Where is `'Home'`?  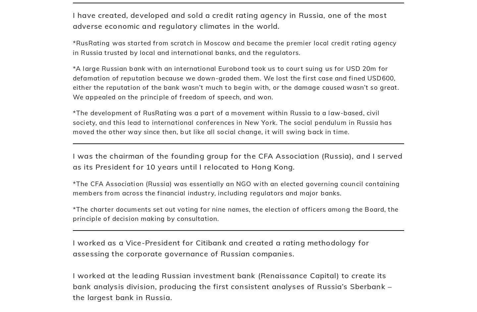 'Home' is located at coordinates (80, 46).